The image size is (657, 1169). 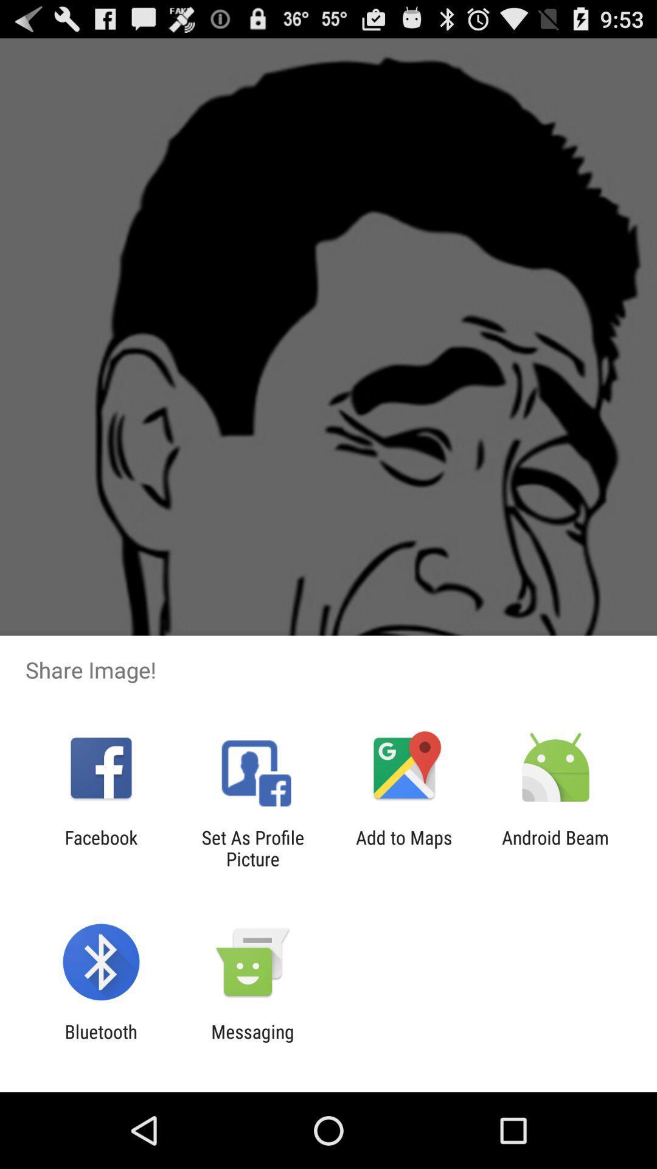 I want to click on the item next to set as profile app, so click(x=100, y=848).